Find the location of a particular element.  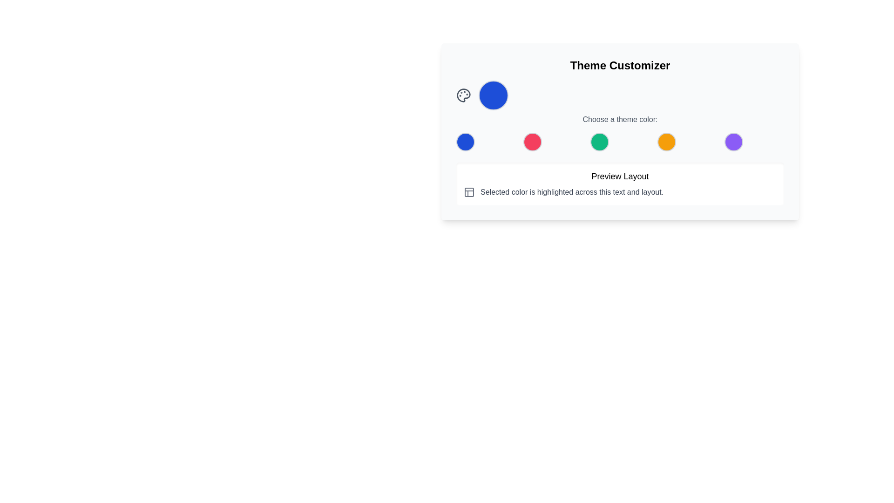

the title 'Preview Layout' of the Informational block with a white background and rounded corners, which contains the subtitle and an icon to the left is located at coordinates (620, 184).